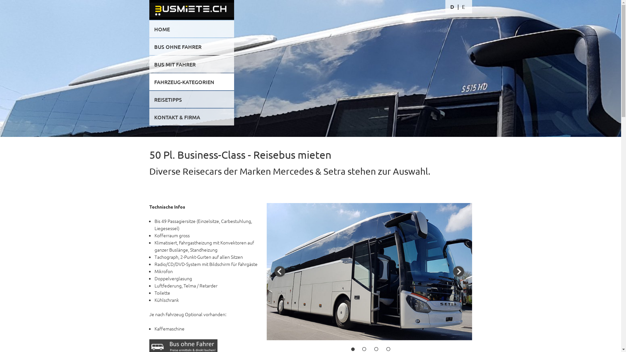 Image resolution: width=626 pixels, height=352 pixels. Describe the element at coordinates (191, 28) in the screenshot. I see `'HOME'` at that location.